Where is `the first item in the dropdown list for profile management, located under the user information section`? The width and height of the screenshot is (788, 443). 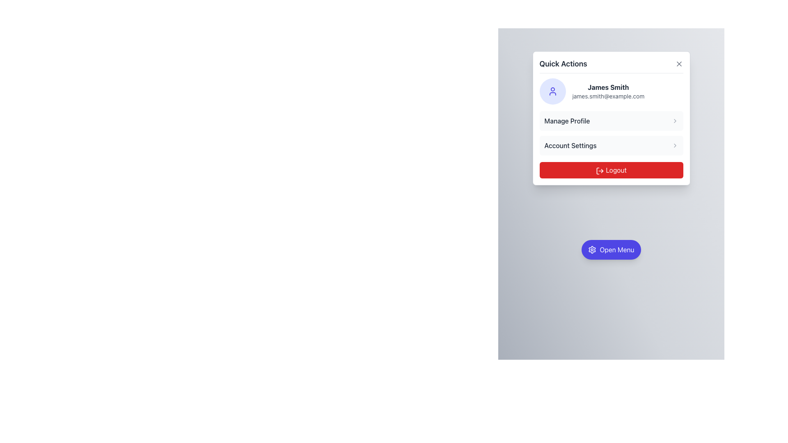 the first item in the dropdown list for profile management, located under the user information section is located at coordinates (611, 121).